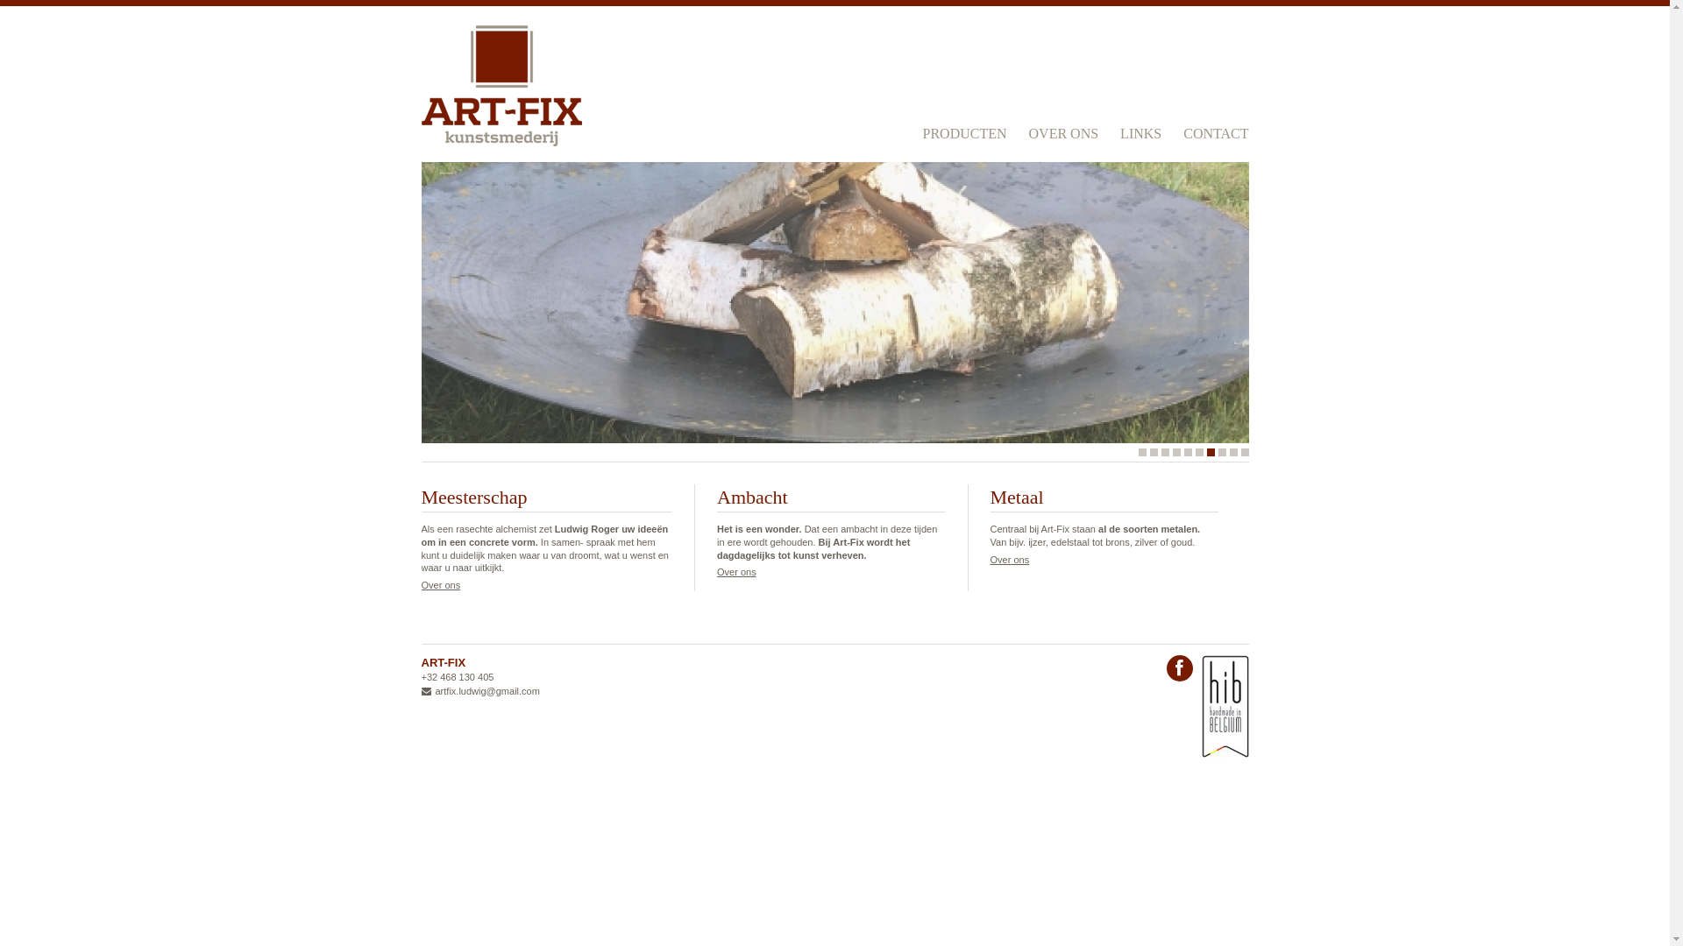  I want to click on '7', so click(1205, 451).